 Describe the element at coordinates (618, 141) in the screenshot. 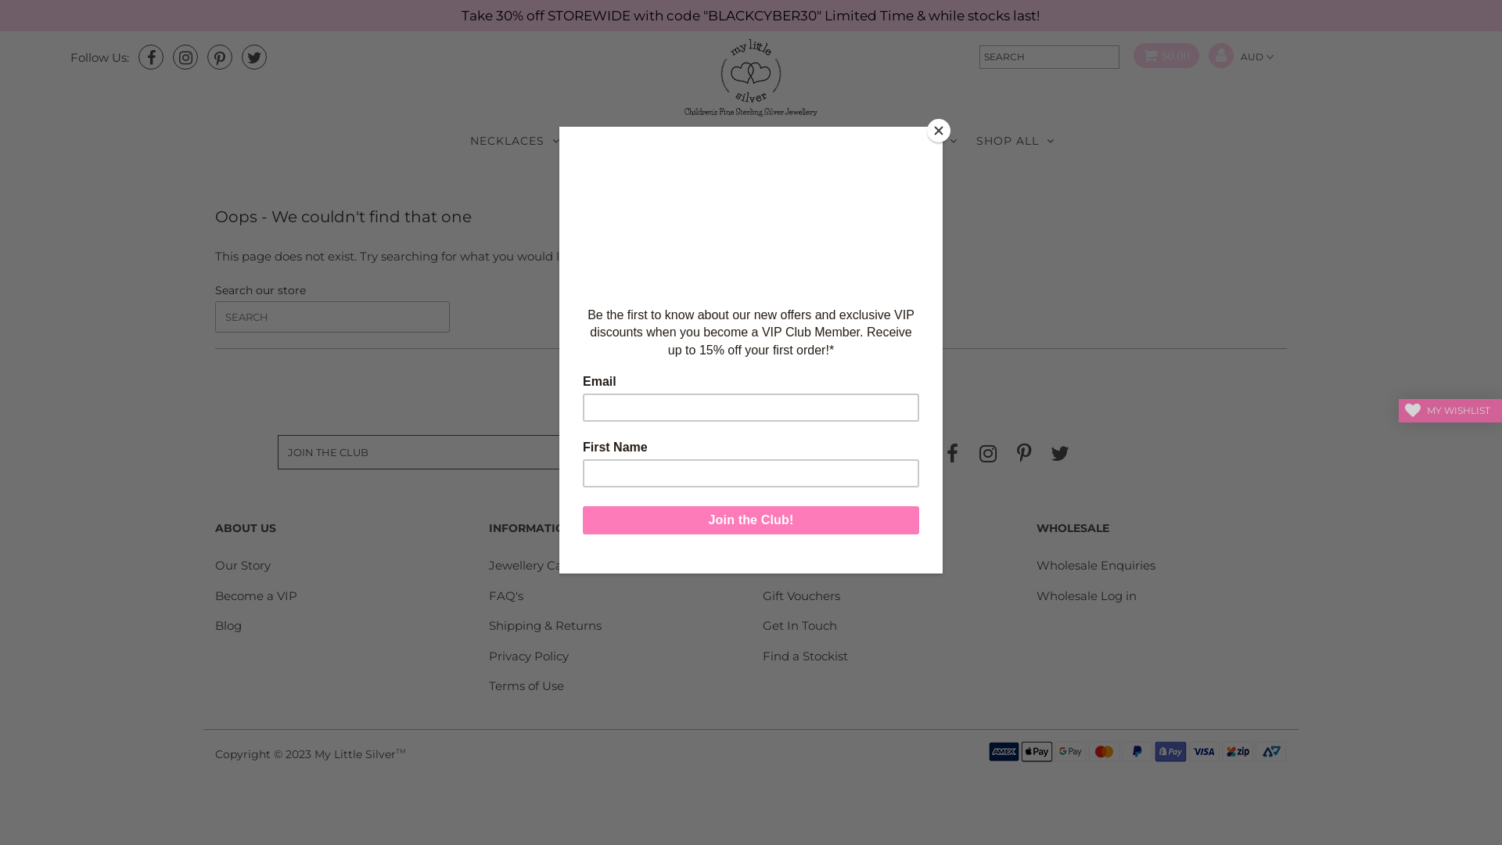

I see `'EARRINGS'` at that location.